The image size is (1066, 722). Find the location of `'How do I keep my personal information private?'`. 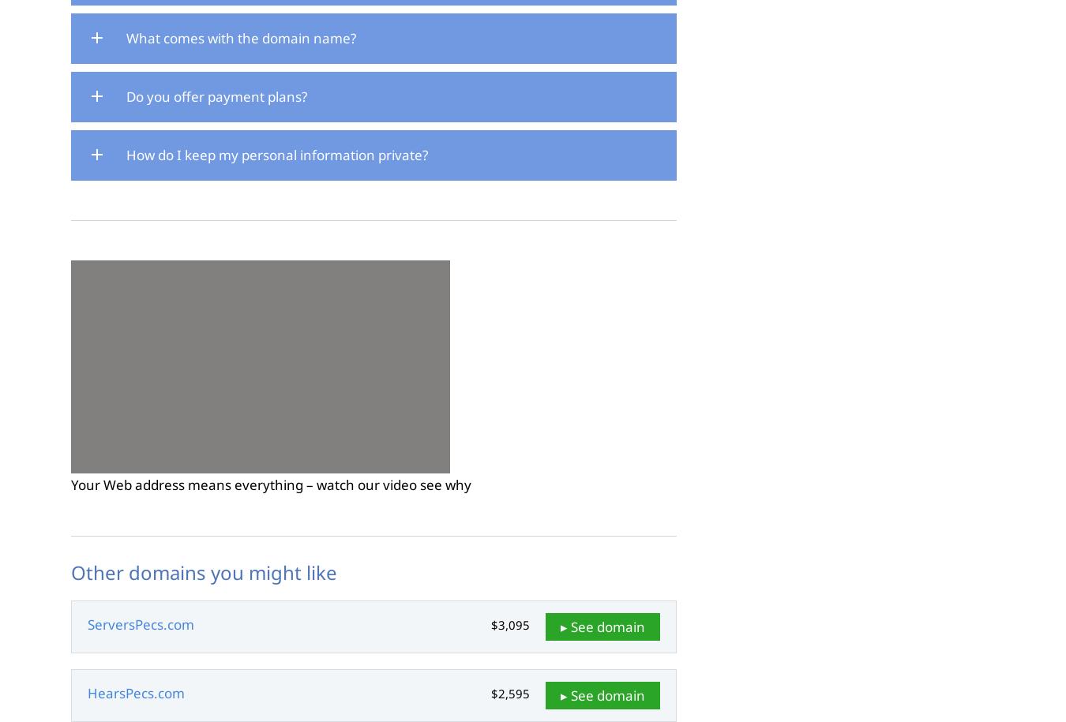

'How do I keep my personal information private?' is located at coordinates (277, 153).